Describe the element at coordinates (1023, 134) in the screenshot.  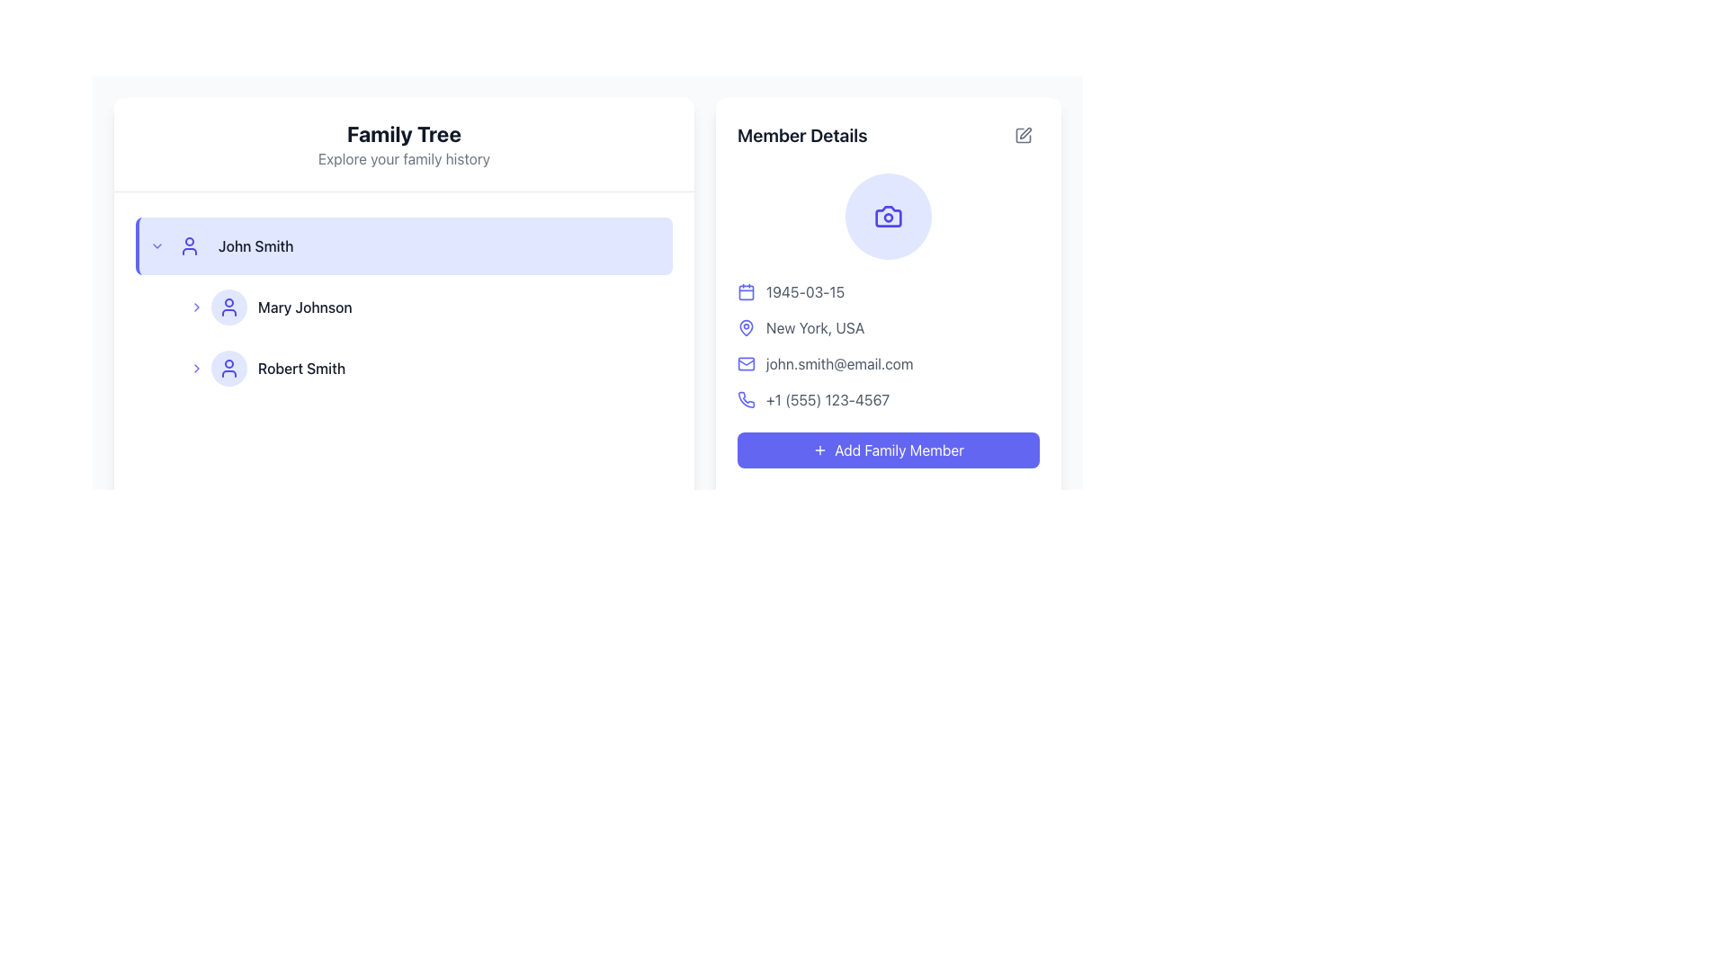
I see `the button located in the top-right corner of the 'Member Details' section` at that location.